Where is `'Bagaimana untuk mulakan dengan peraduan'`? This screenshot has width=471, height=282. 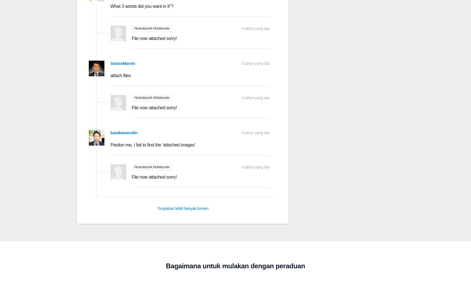 'Bagaimana untuk mulakan dengan peraduan' is located at coordinates (235, 266).